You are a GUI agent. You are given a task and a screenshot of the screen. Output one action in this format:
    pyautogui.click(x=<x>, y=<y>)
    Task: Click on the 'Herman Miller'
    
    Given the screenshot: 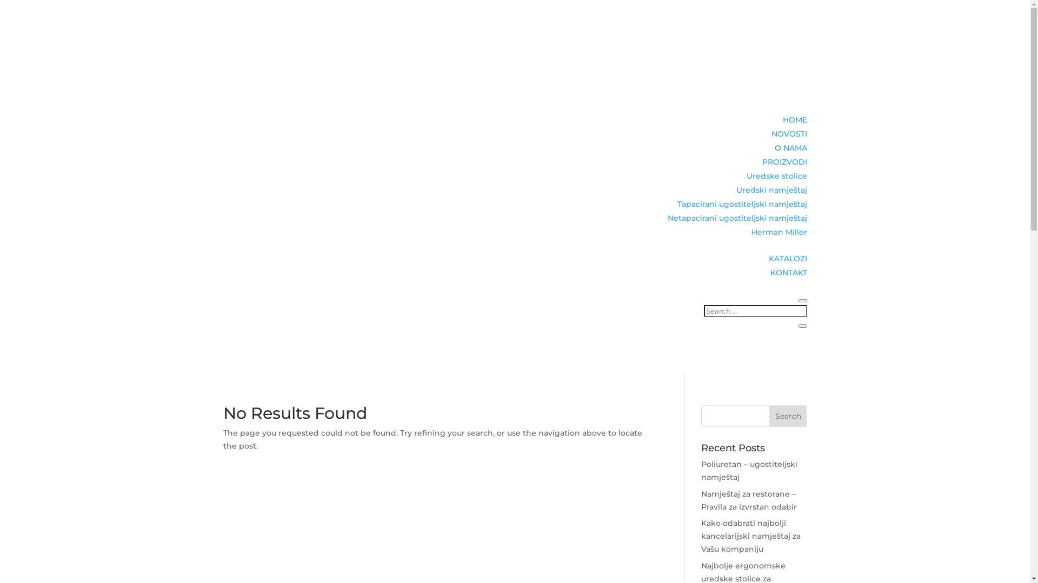 What is the action you would take?
    pyautogui.click(x=751, y=231)
    